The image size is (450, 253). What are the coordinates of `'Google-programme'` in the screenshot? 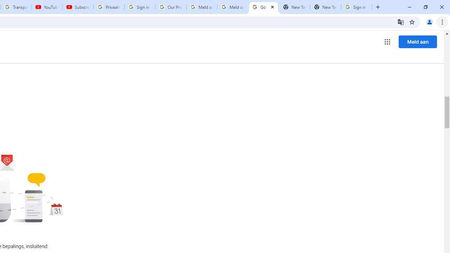 It's located at (387, 42).